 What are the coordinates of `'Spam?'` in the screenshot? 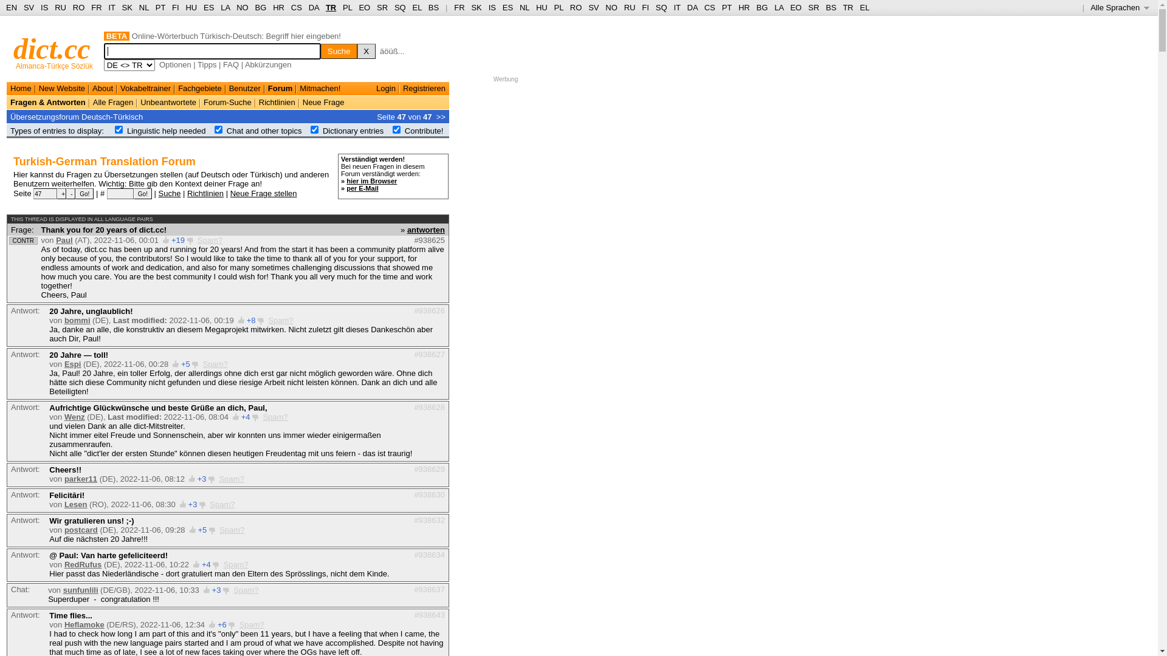 It's located at (203, 363).